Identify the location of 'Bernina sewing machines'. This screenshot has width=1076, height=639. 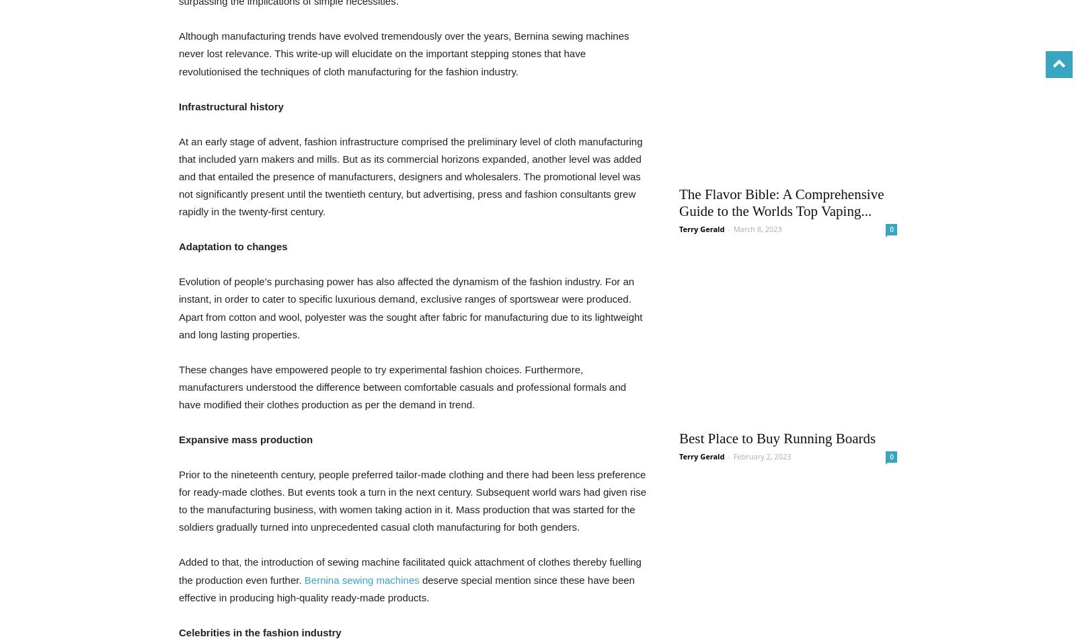
(360, 578).